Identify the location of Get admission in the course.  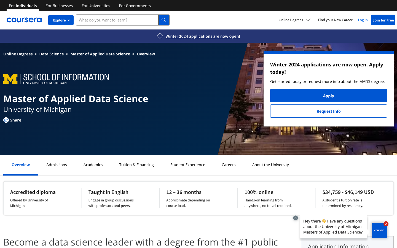
(57, 165).